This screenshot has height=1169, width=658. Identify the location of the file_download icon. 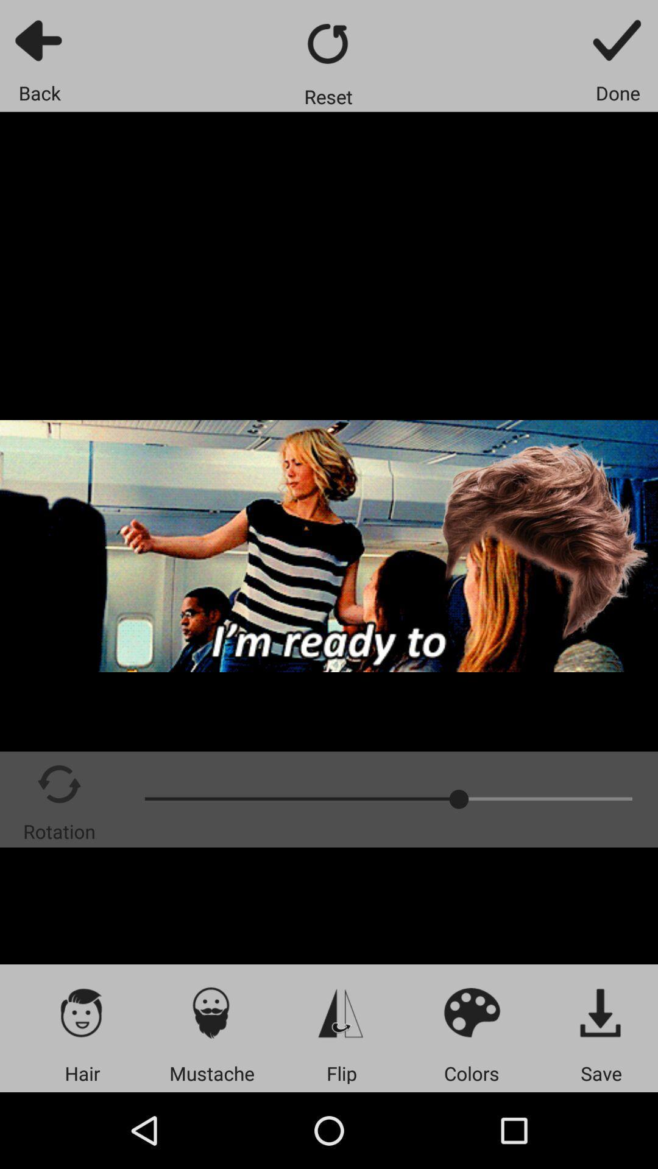
(601, 1012).